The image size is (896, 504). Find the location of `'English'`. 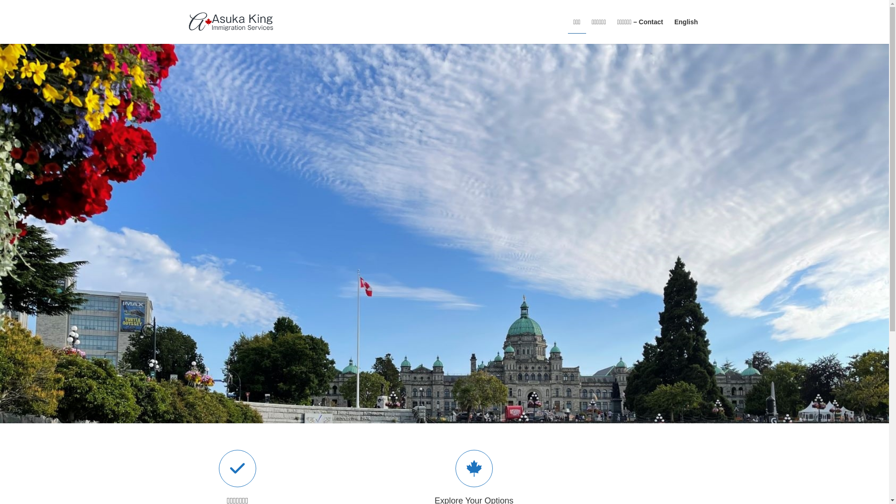

'English' is located at coordinates (668, 21).